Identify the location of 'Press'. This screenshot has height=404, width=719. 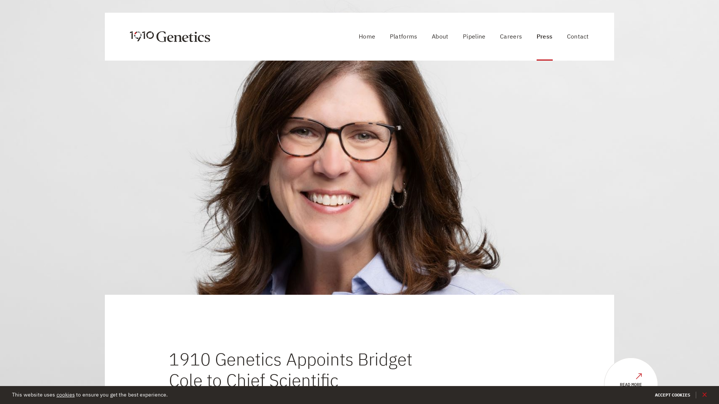
(544, 36).